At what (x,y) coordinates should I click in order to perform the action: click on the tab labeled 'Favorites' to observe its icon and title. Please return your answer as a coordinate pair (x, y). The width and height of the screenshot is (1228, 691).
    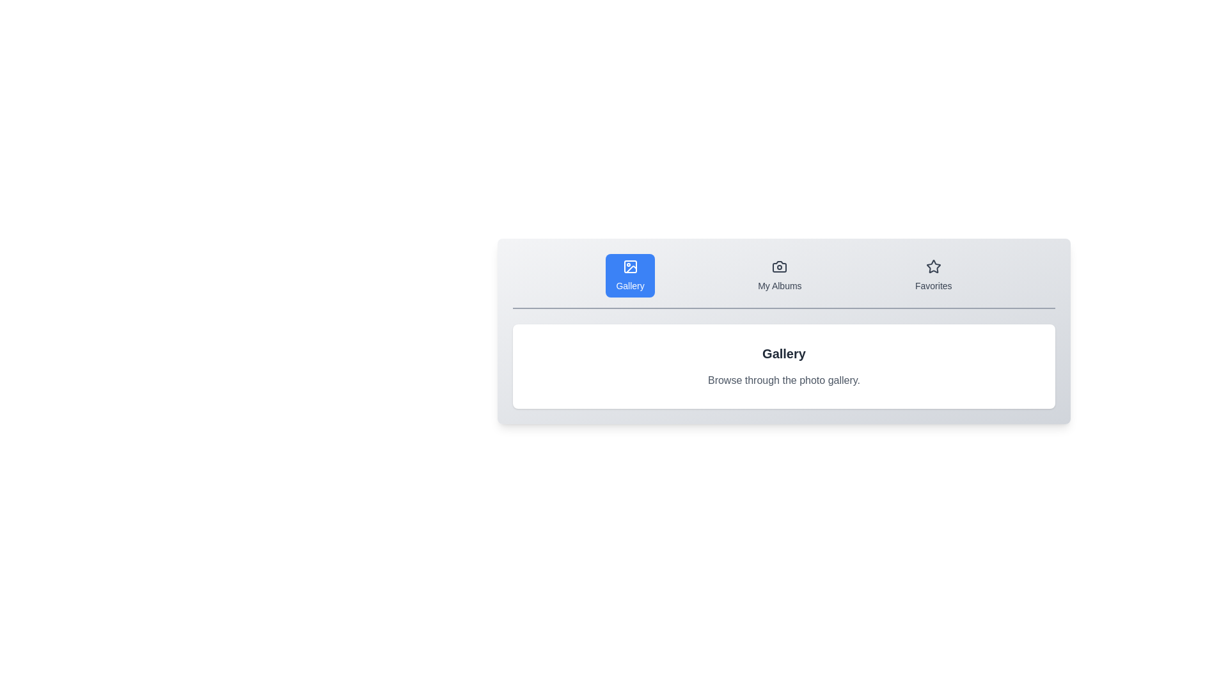
    Looking at the image, I should click on (933, 275).